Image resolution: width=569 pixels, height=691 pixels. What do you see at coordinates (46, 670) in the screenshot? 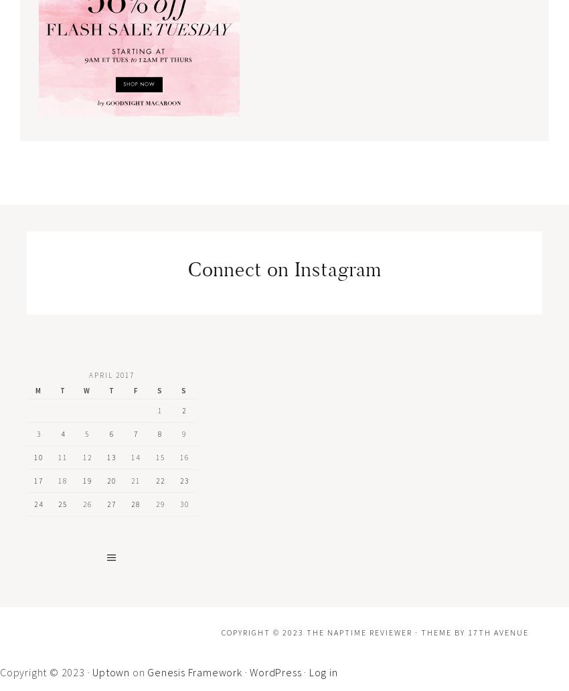
I see `'Copyright © 2023 ·'` at bounding box center [46, 670].